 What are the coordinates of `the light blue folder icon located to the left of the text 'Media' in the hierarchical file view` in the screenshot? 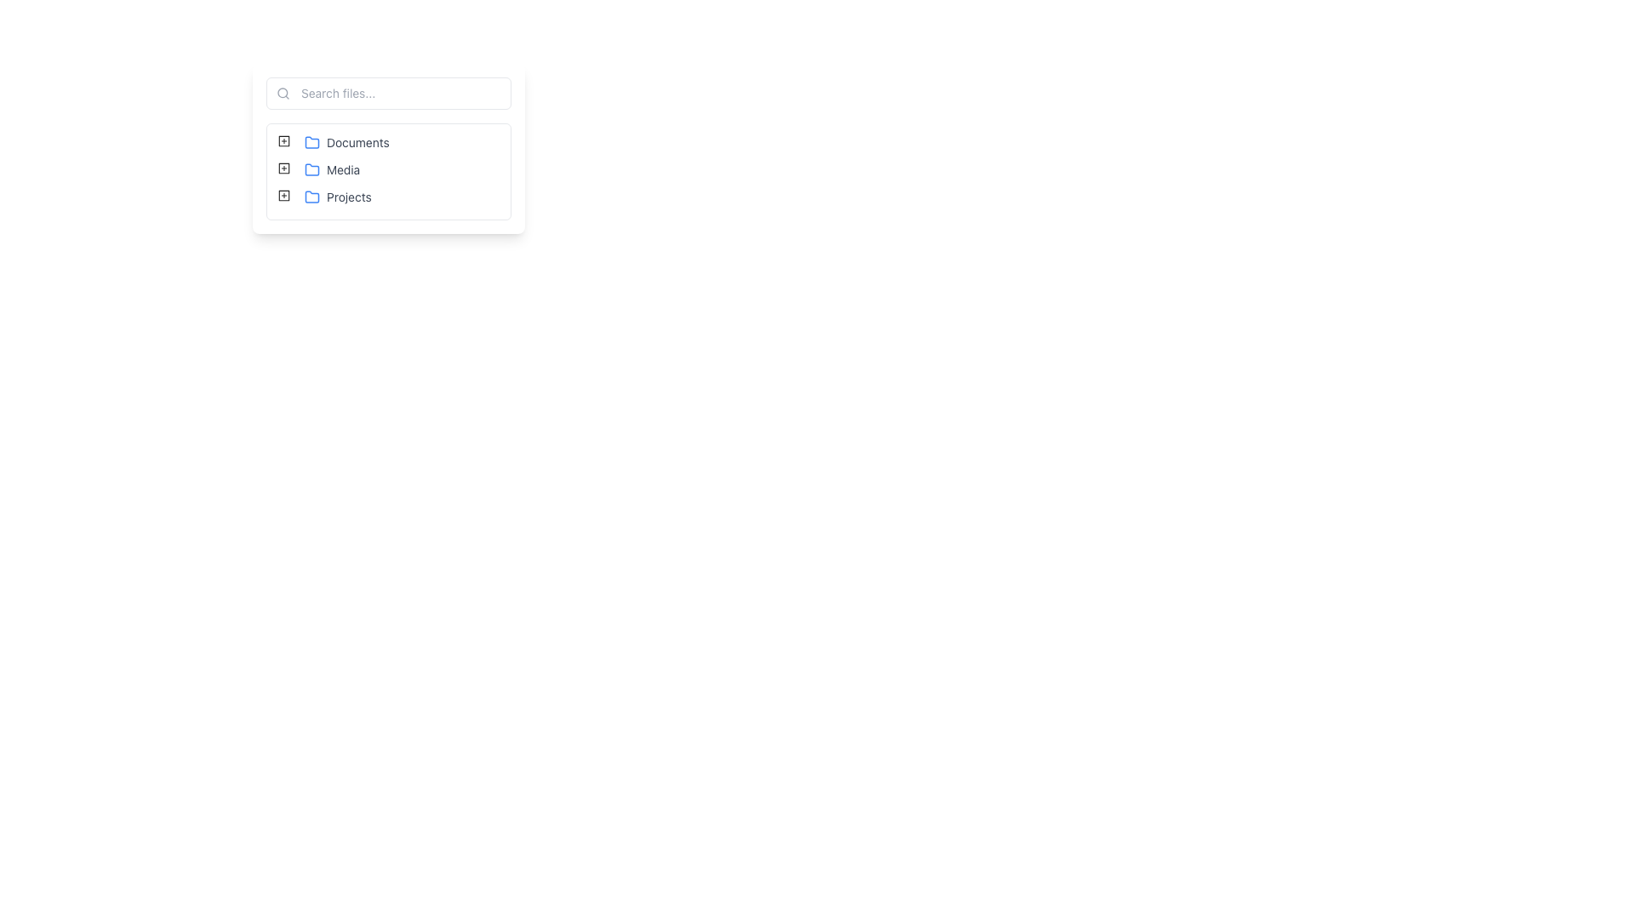 It's located at (311, 140).